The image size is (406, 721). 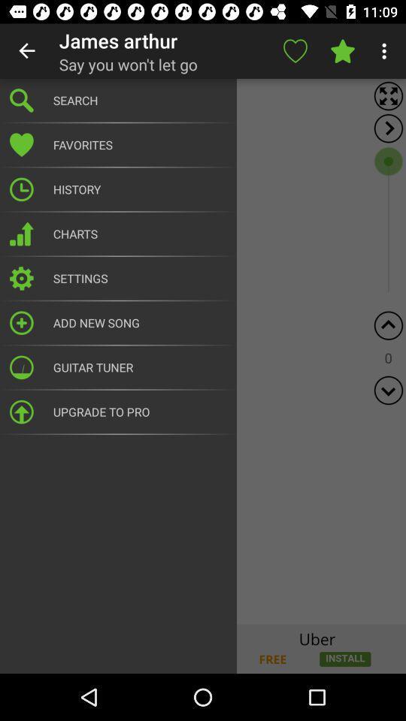 What do you see at coordinates (203, 648) in the screenshot?
I see `banner advertisement` at bounding box center [203, 648].